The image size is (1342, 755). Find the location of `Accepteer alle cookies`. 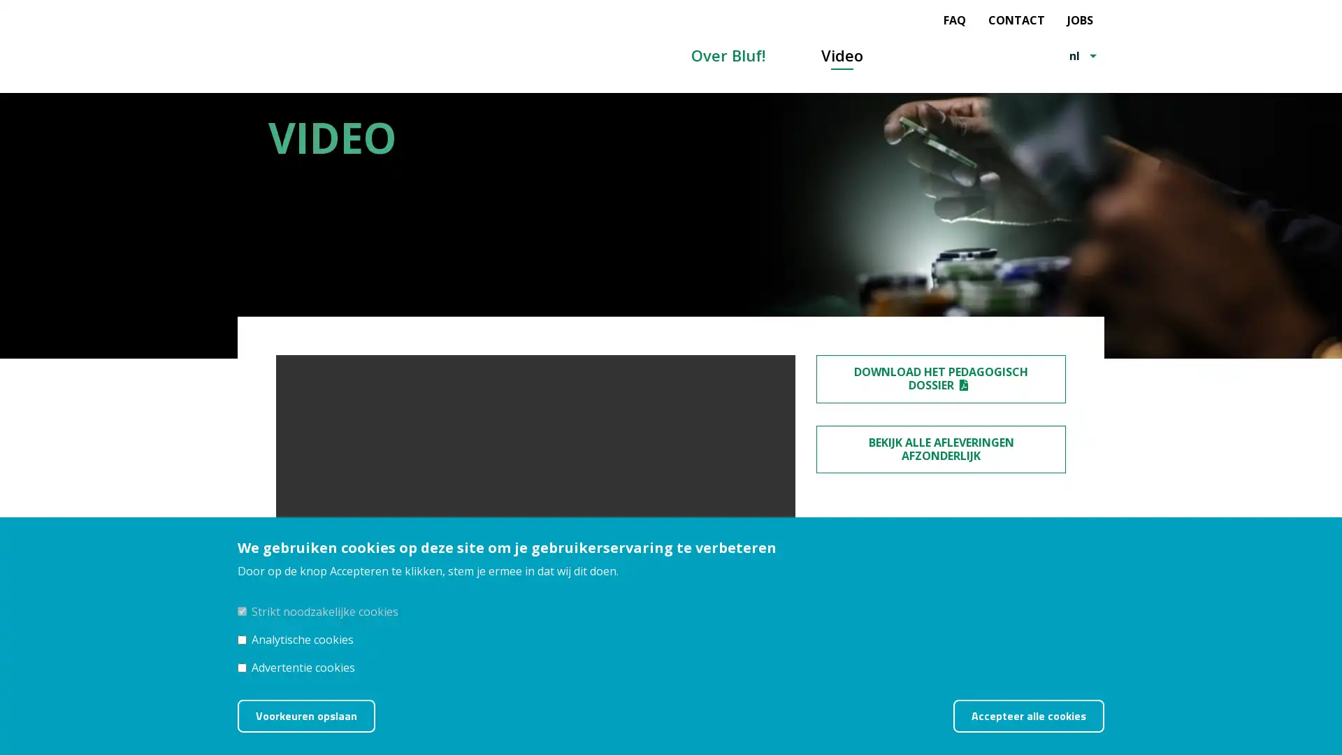

Accepteer alle cookies is located at coordinates (1029, 715).